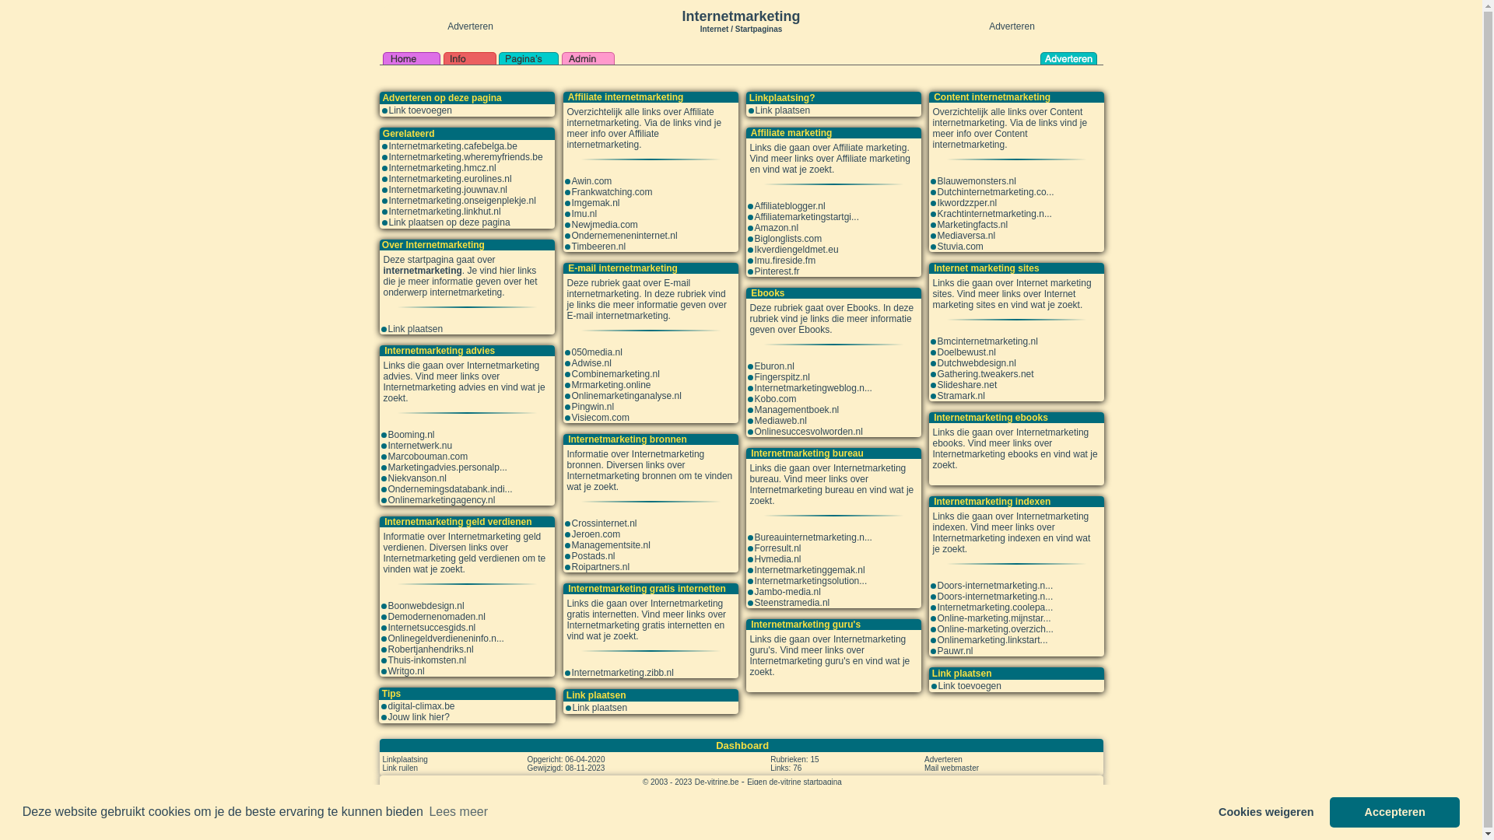  Describe the element at coordinates (458, 811) in the screenshot. I see `'Lees meer'` at that location.